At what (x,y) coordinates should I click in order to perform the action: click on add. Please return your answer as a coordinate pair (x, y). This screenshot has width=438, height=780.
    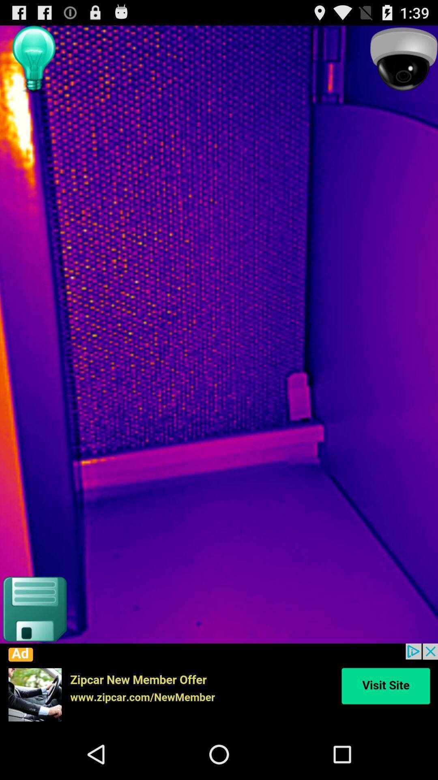
    Looking at the image, I should click on (219, 686).